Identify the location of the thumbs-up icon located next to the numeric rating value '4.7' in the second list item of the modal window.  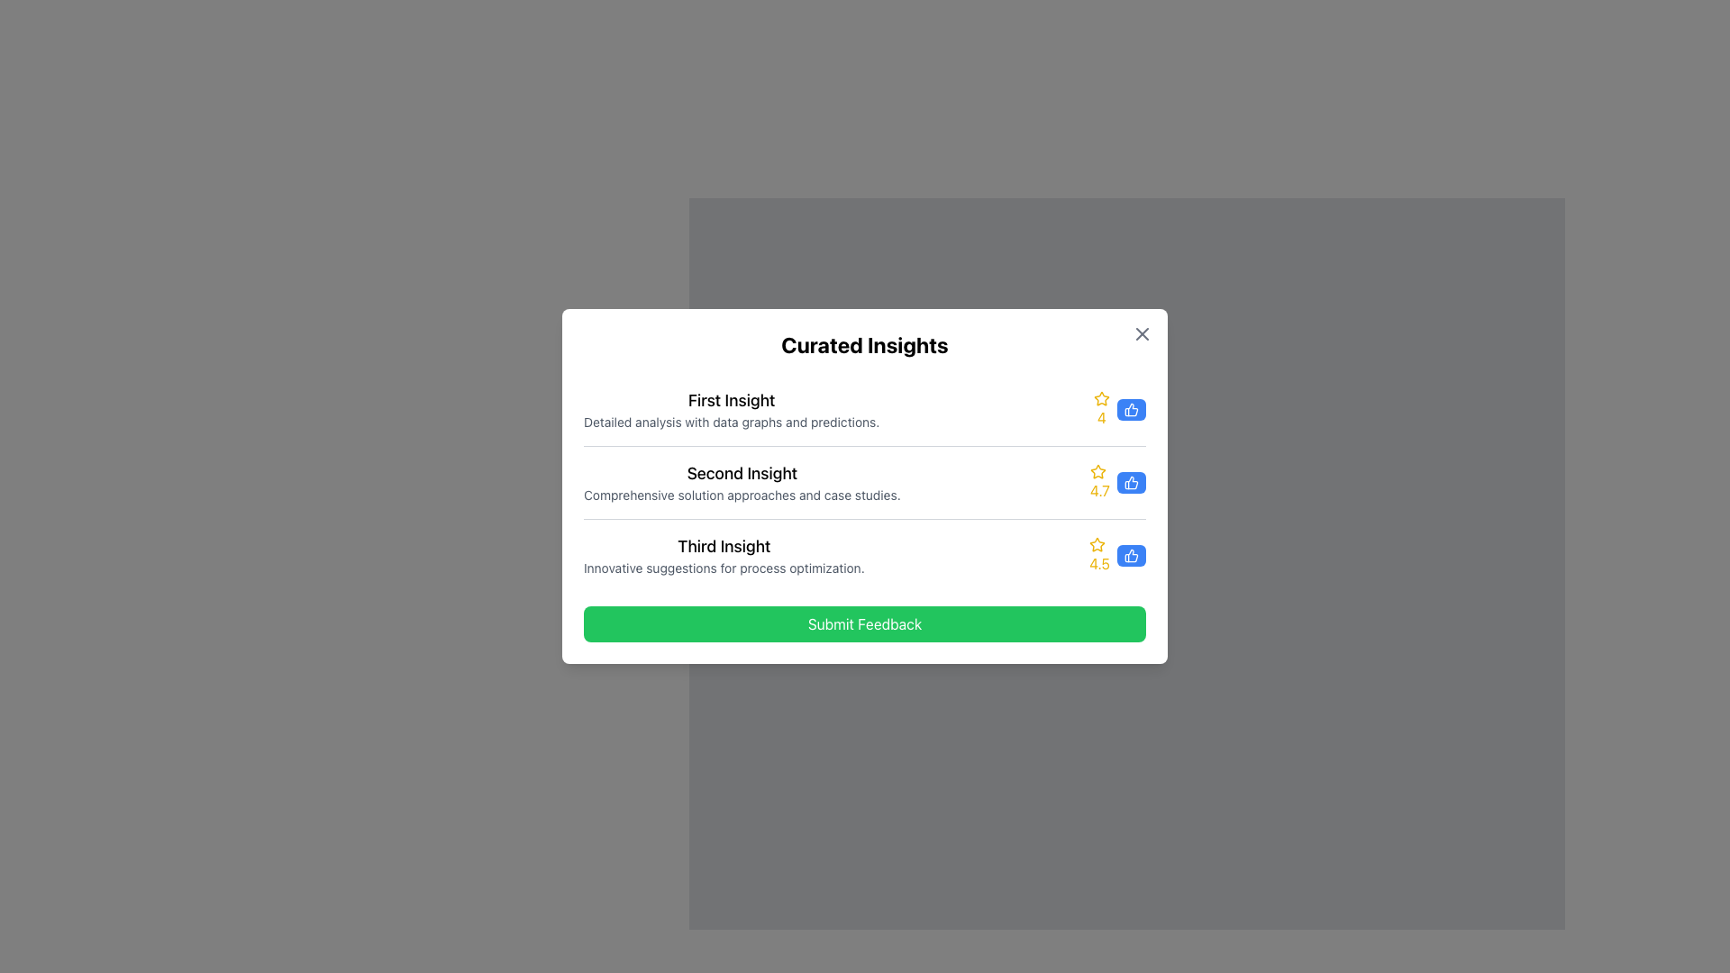
(1130, 482).